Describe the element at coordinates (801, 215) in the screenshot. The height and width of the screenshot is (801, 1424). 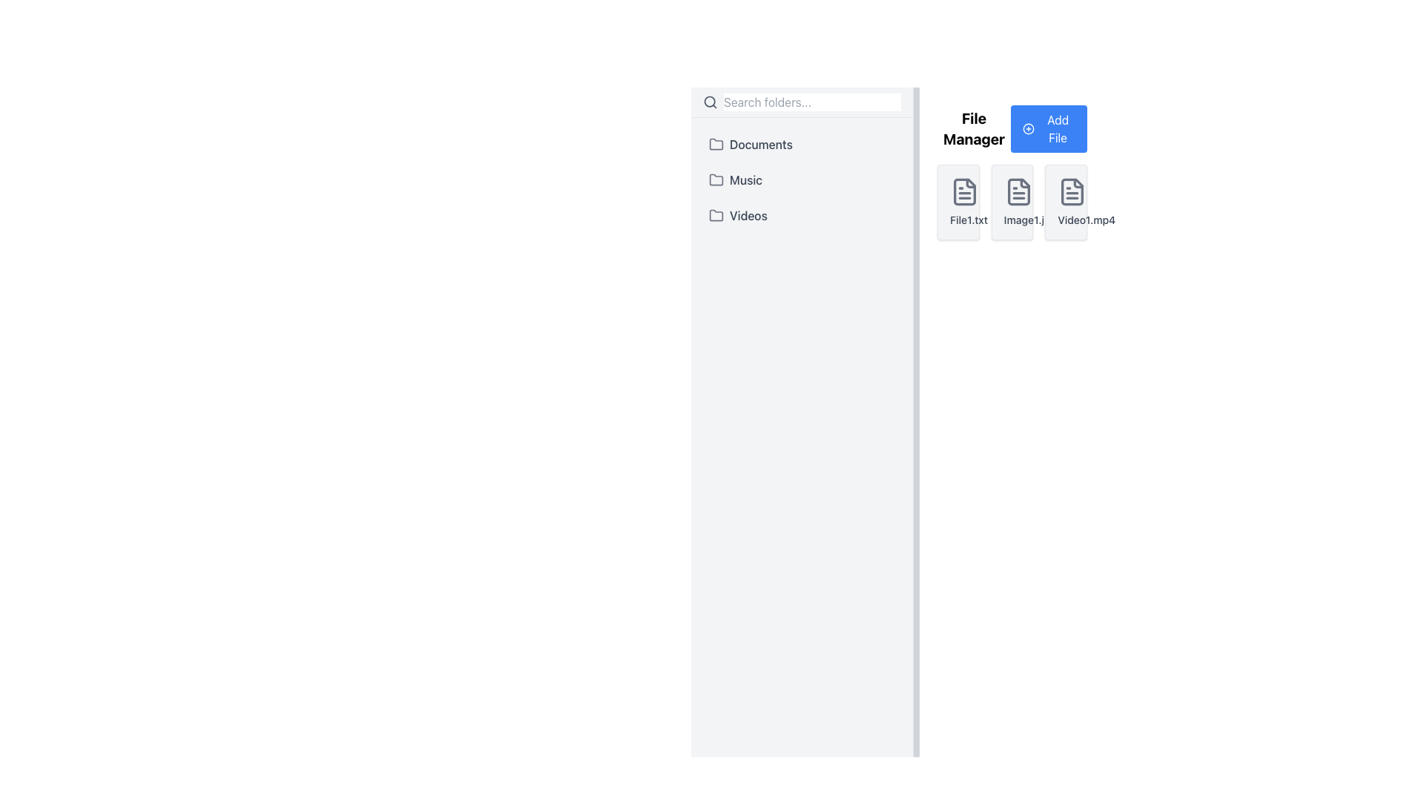
I see `the 'Videos' navigation item in the left-hand sidebar` at that location.